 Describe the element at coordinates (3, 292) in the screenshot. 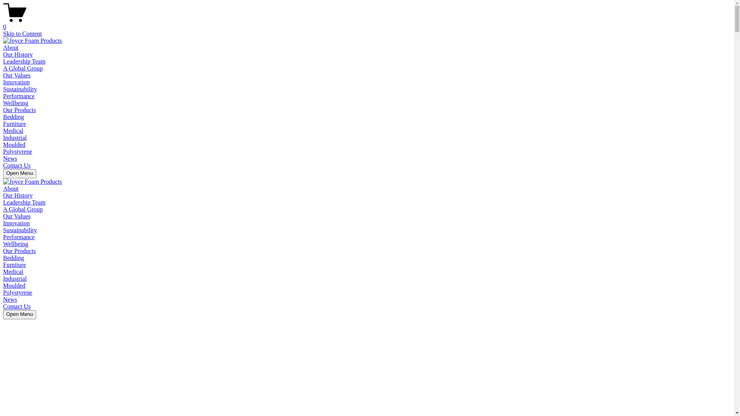

I see `'Polystyrene'` at that location.